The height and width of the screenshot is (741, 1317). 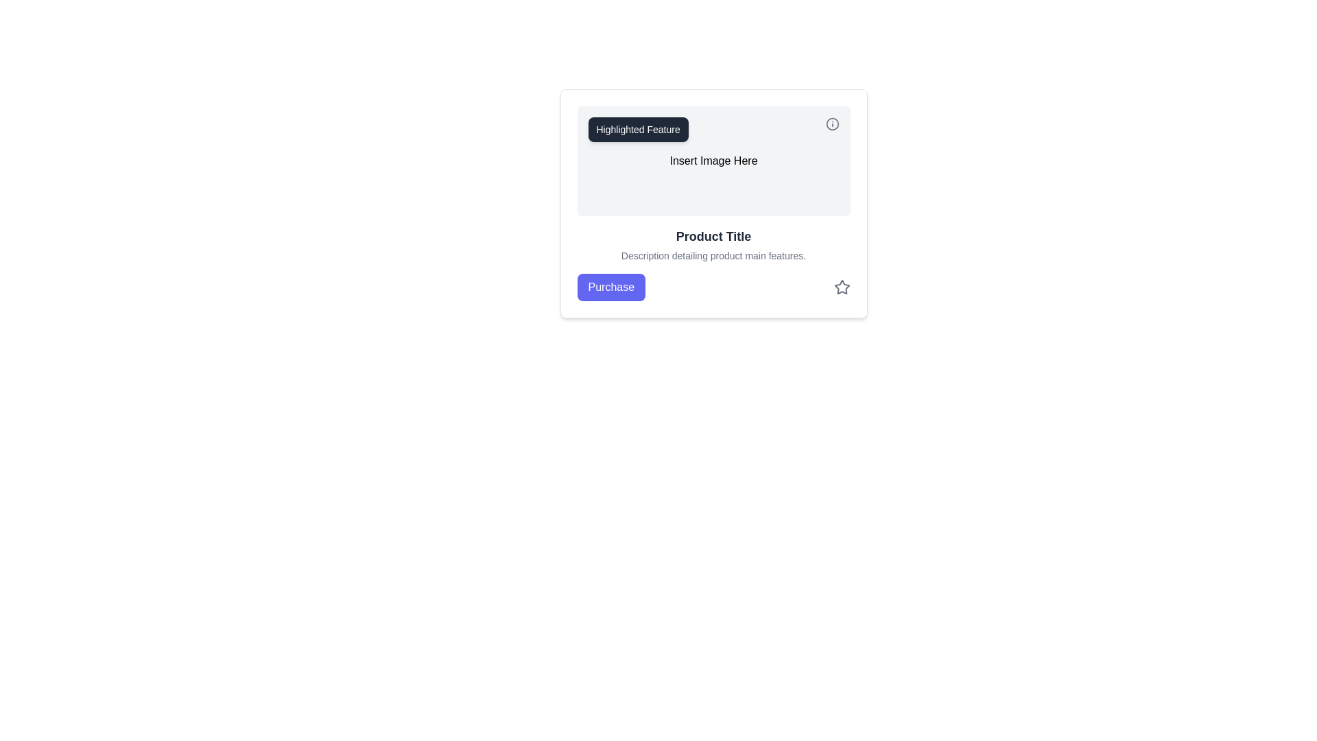 What do you see at coordinates (841, 287) in the screenshot?
I see `the star icon button located on the far right of the group, adjacent to the 'Purchase' button` at bounding box center [841, 287].